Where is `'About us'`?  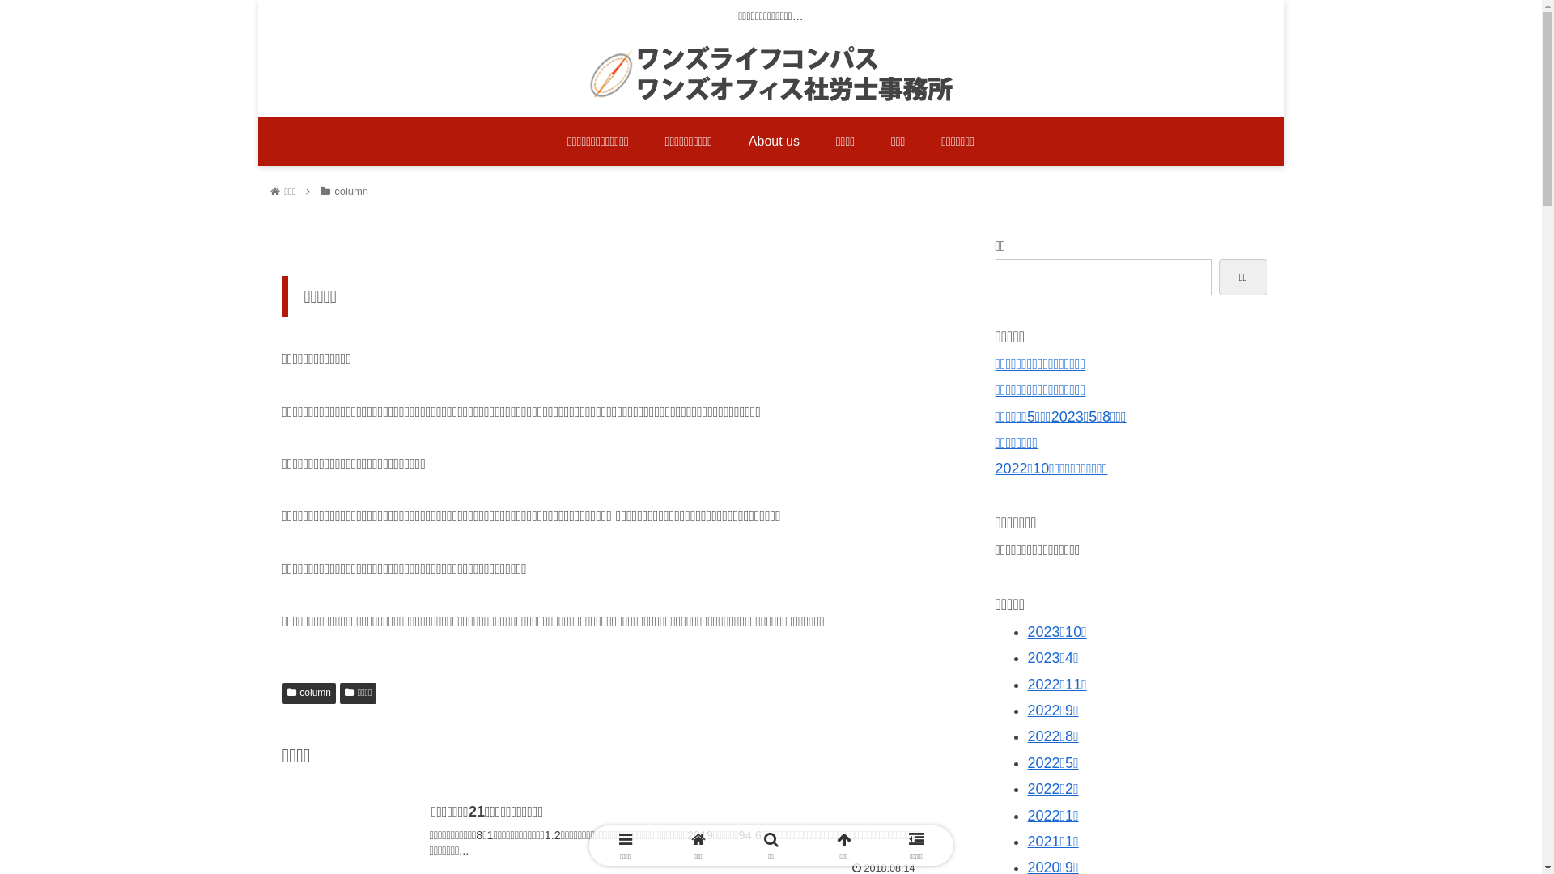
'About us' is located at coordinates (729, 140).